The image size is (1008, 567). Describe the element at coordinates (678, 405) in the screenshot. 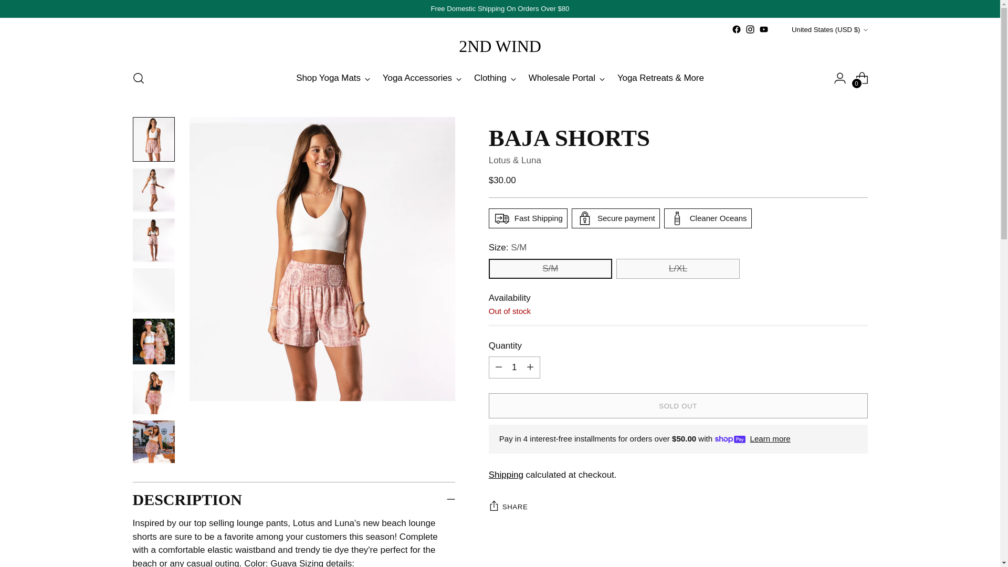

I see `'SOLD OUT'` at that location.